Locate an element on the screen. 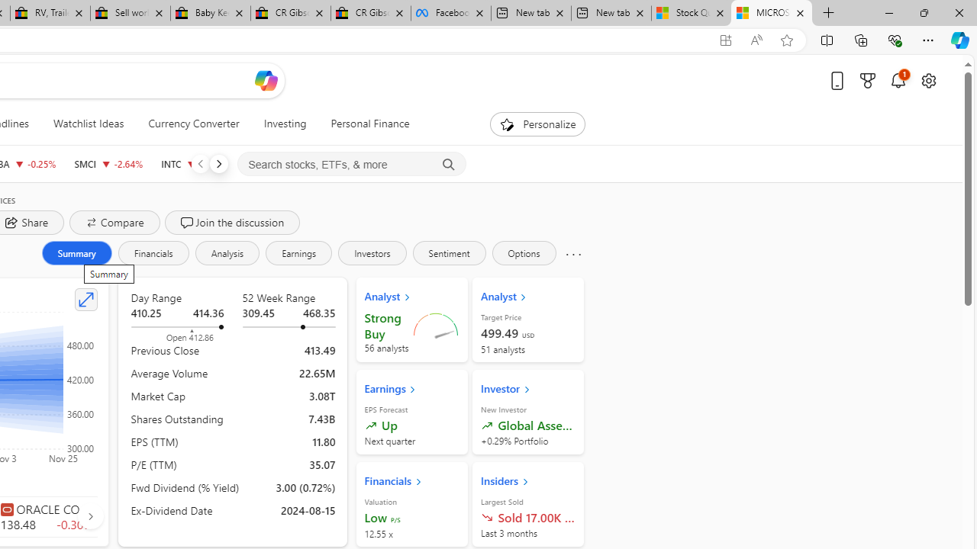 This screenshot has height=549, width=977. 'AutomationID: finance_carousel_navi_arrow' is located at coordinates (89, 515).